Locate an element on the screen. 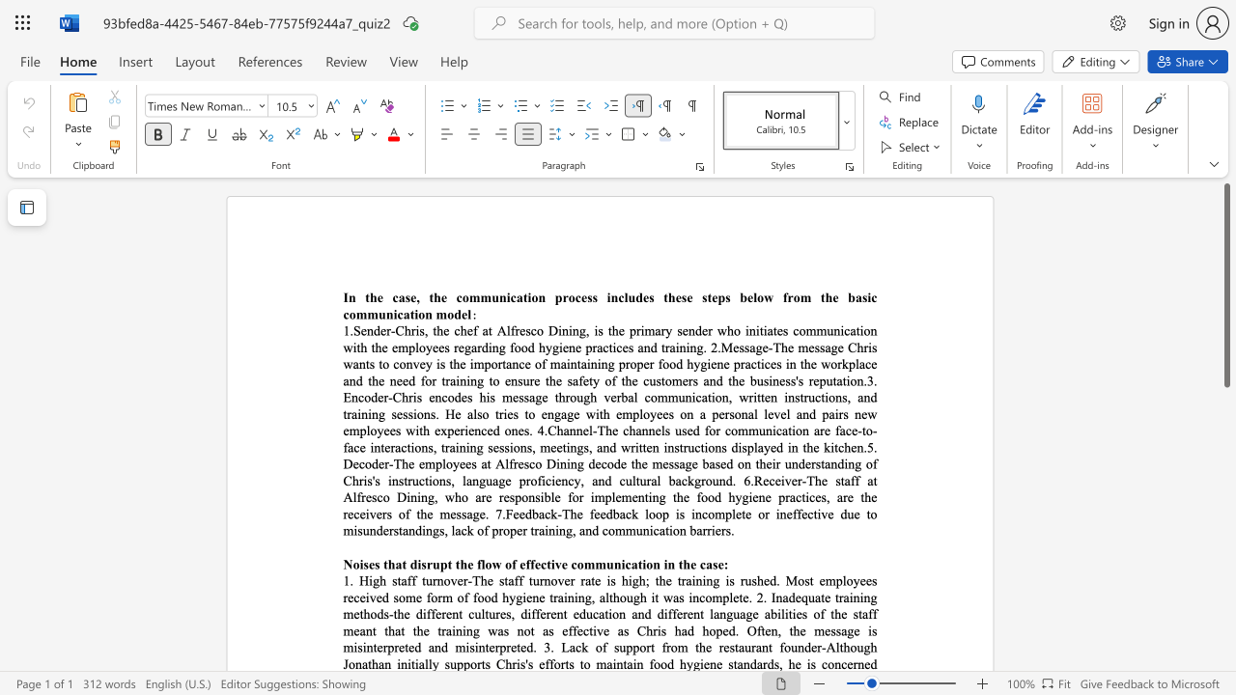 This screenshot has width=1236, height=695. the 6th character "g" in the text is located at coordinates (636, 597).